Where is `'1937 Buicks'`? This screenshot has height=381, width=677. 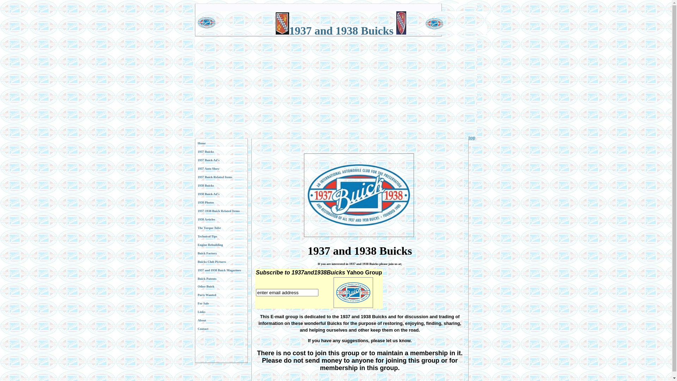 '1937 Buicks' is located at coordinates (221, 151).